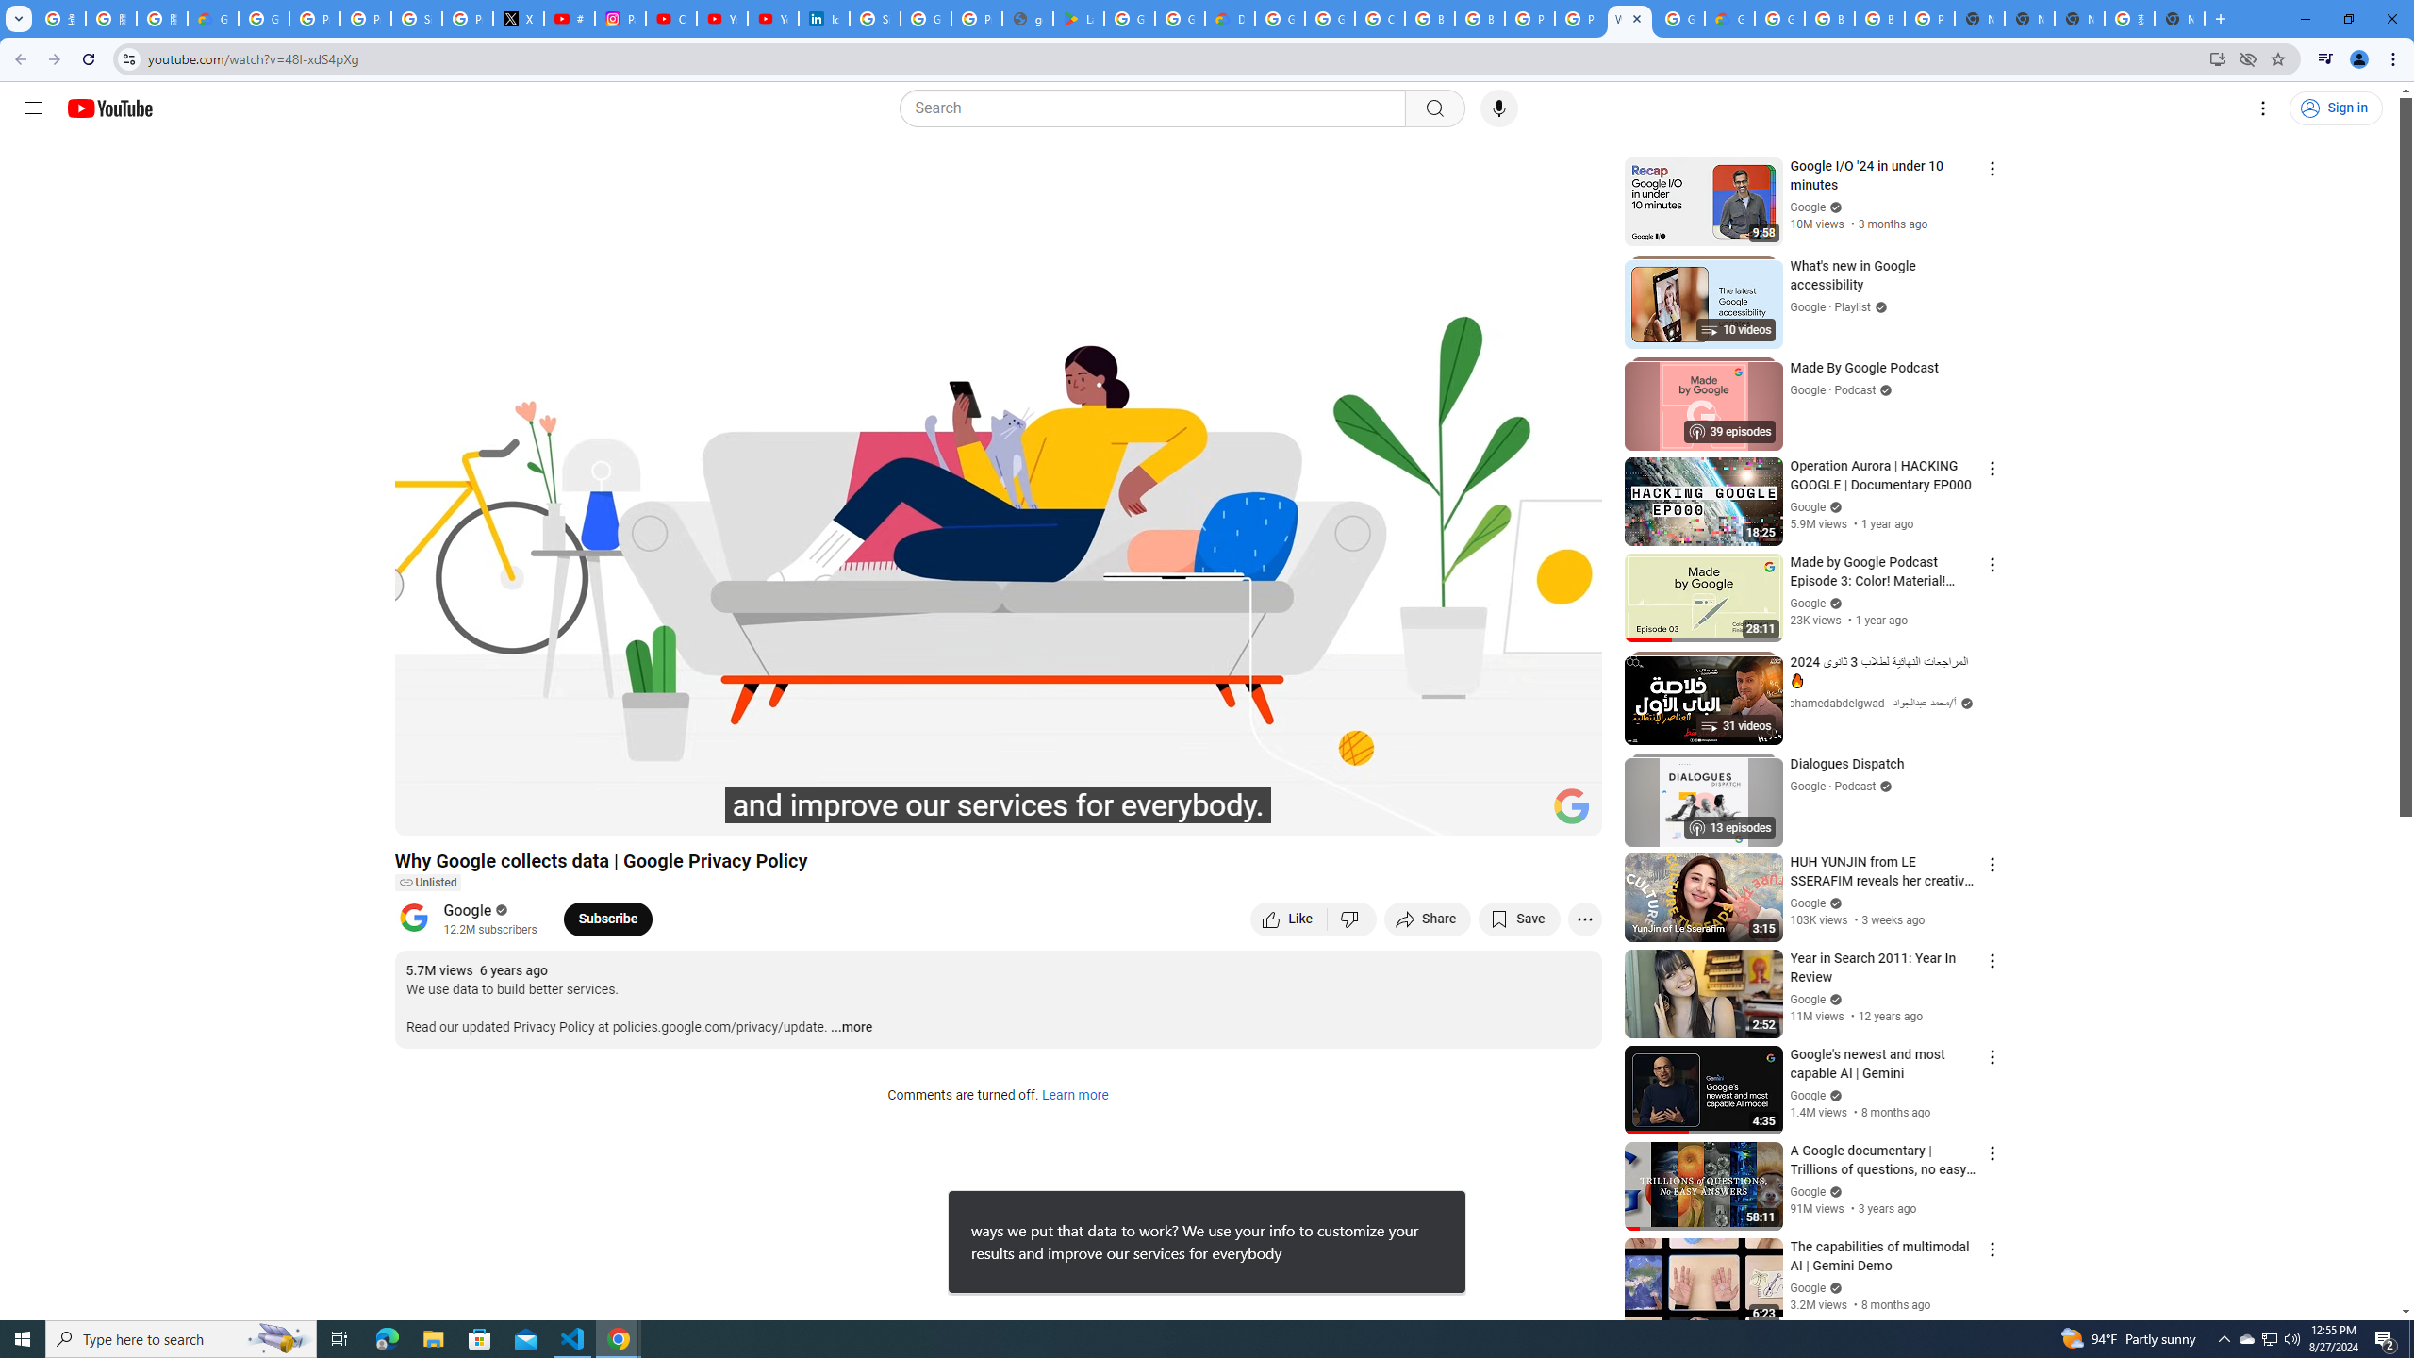  What do you see at coordinates (1385, 813) in the screenshot?
I see `'Subtitles/closed captions unavailable'` at bounding box center [1385, 813].